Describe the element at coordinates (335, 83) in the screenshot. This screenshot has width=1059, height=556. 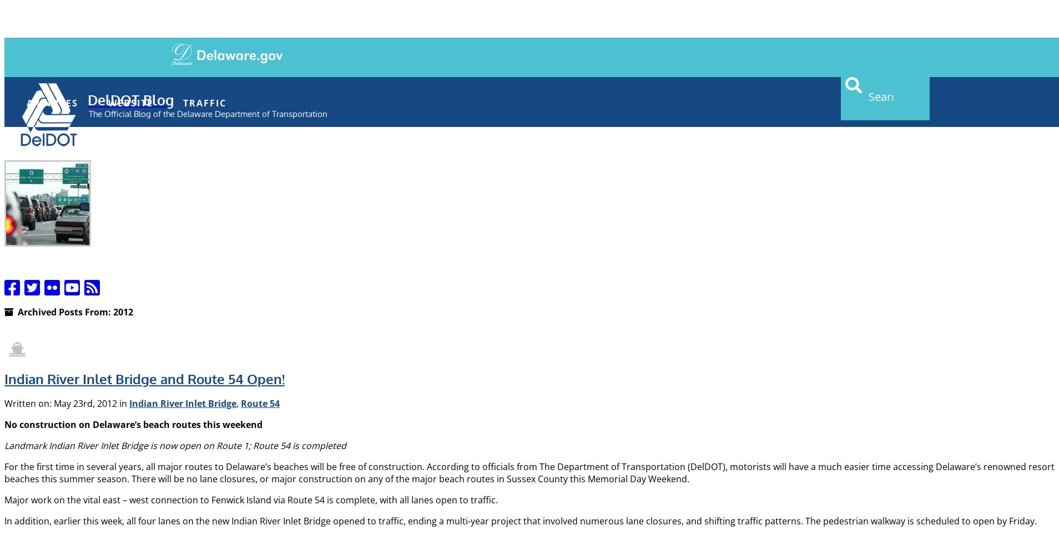
I see `'Topics'` at that location.